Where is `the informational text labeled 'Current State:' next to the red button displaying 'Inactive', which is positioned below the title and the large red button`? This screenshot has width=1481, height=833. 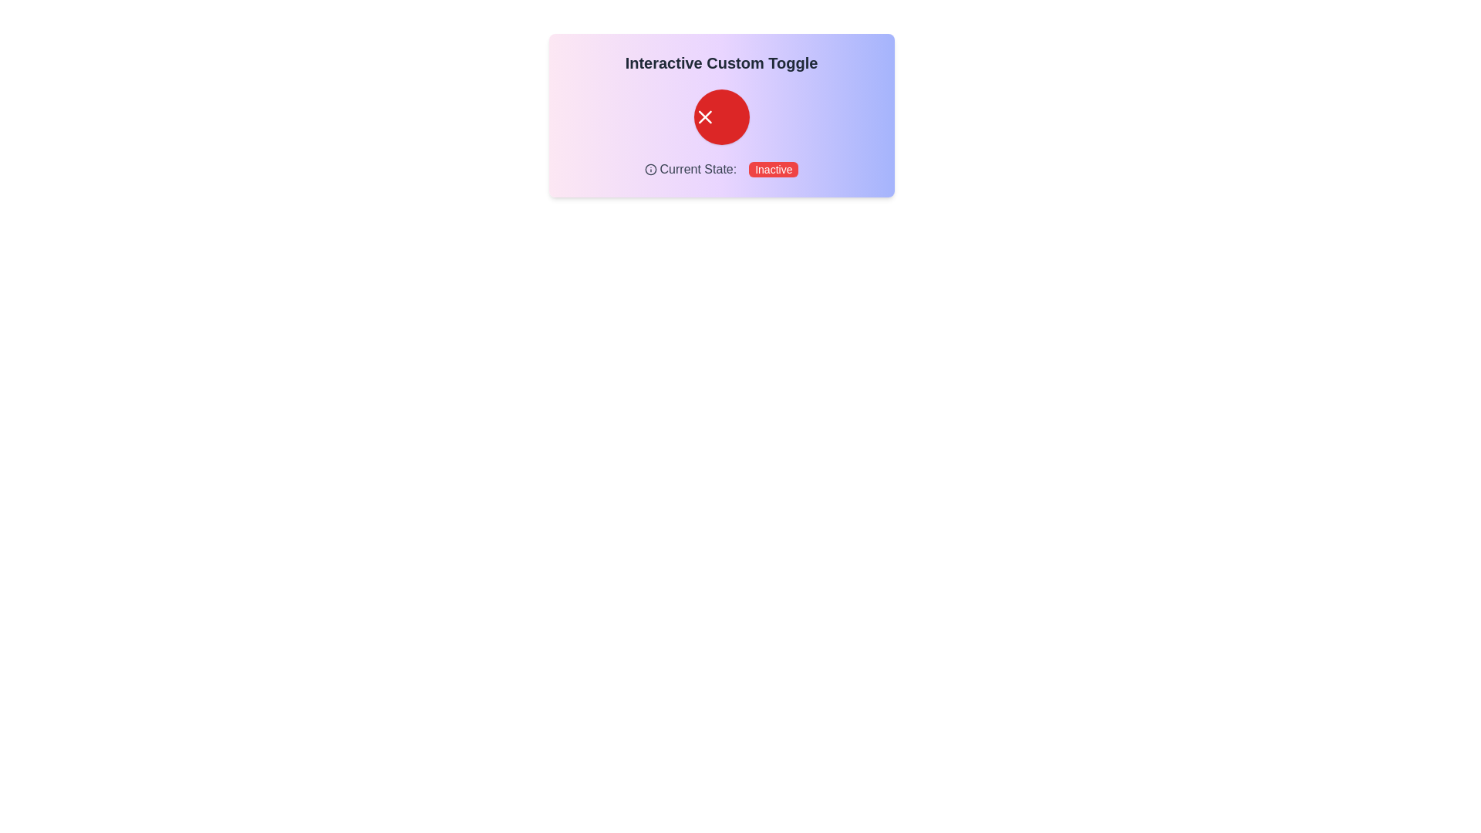 the informational text labeled 'Current State:' next to the red button displaying 'Inactive', which is positioned below the title and the large red button is located at coordinates (720, 169).